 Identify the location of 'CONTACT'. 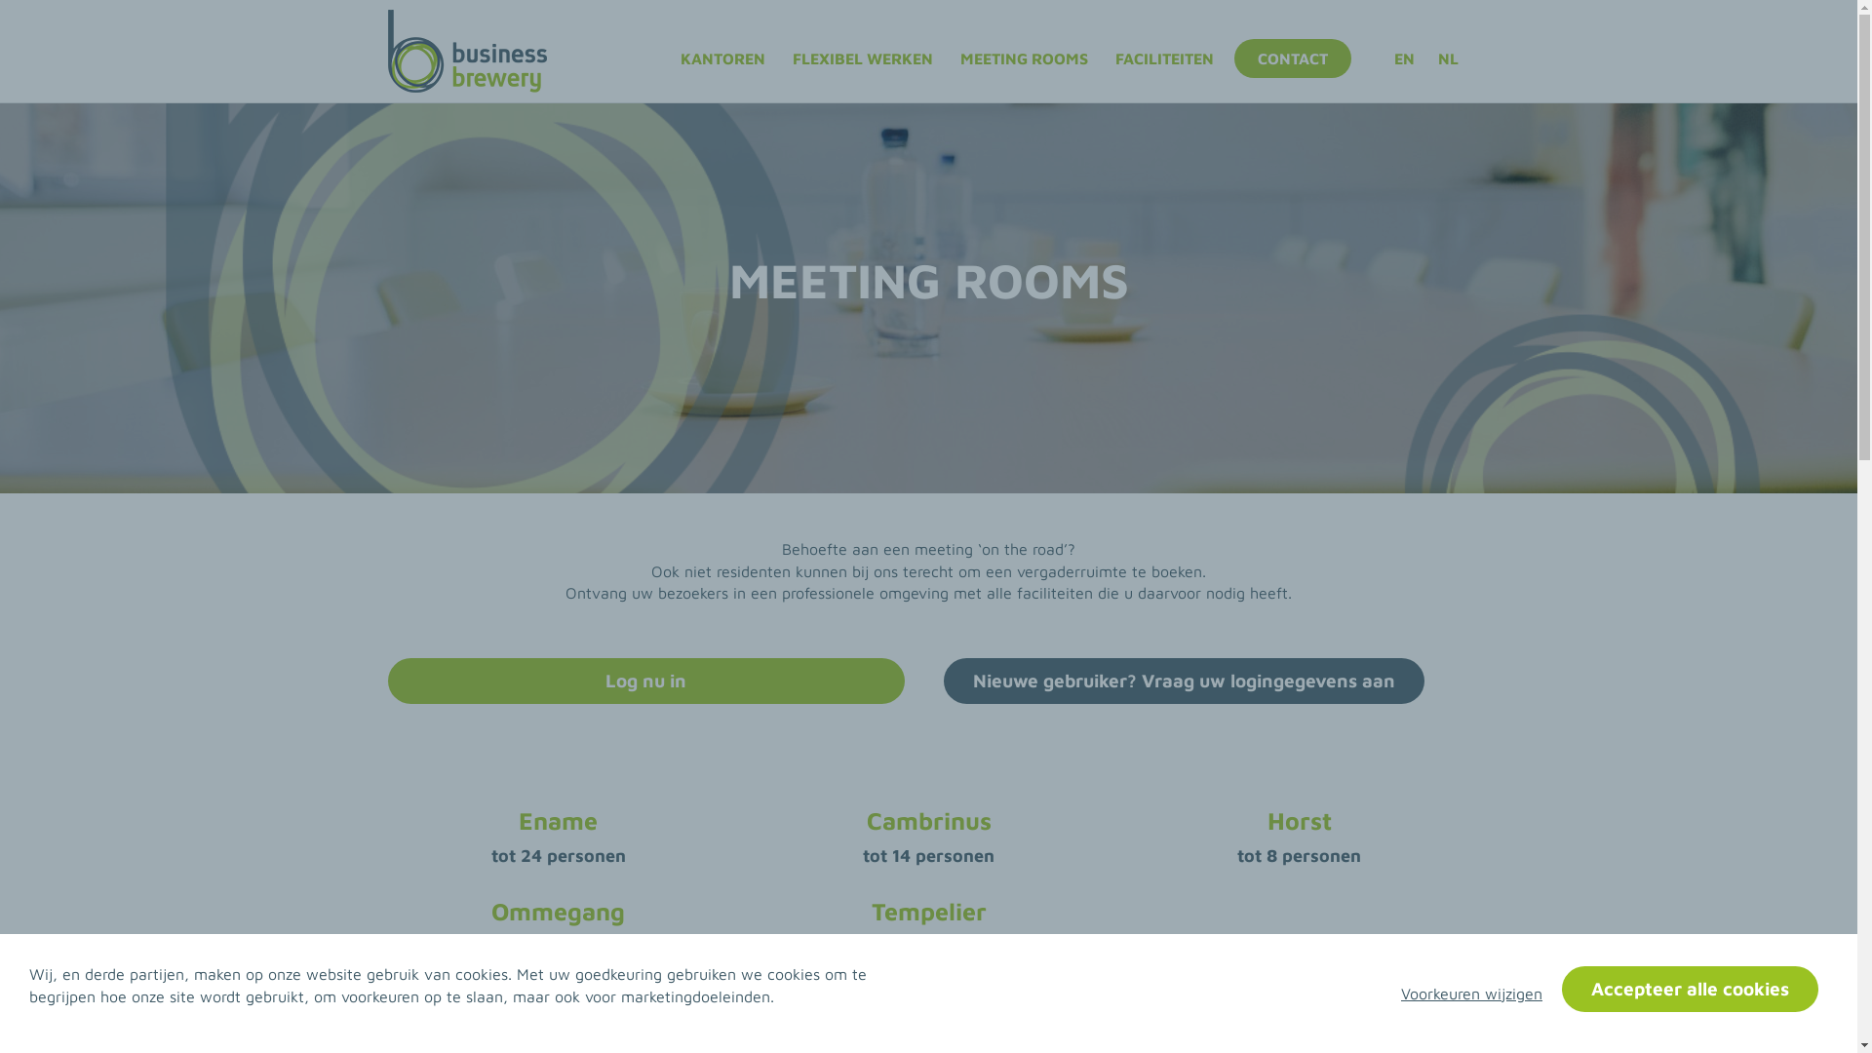
(1233, 58).